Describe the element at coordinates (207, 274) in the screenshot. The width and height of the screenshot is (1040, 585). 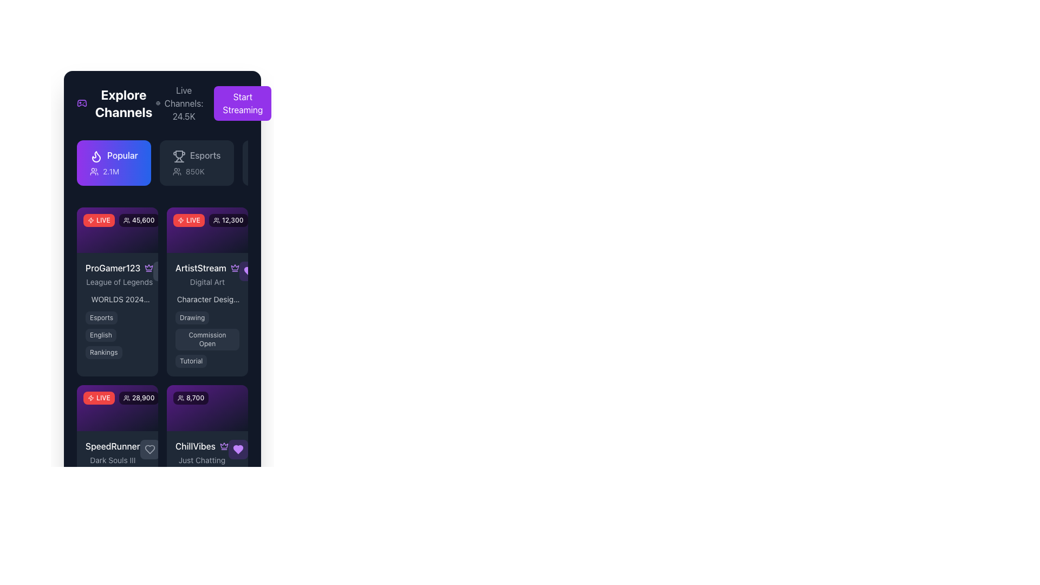
I see `the title in the Text display with an associated icon located in the second column of the grid layout beneath the 'LIVE' header` at that location.